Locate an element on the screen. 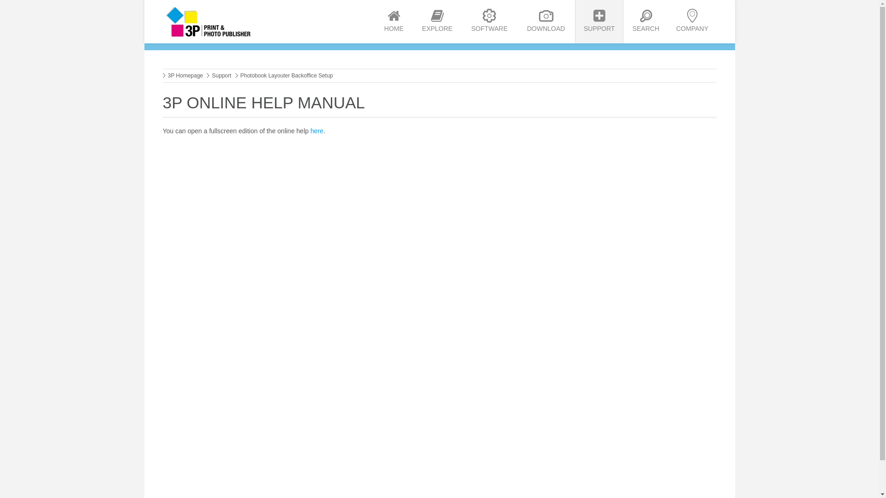 The image size is (886, 498). 'SUPPORT' is located at coordinates (599, 21).